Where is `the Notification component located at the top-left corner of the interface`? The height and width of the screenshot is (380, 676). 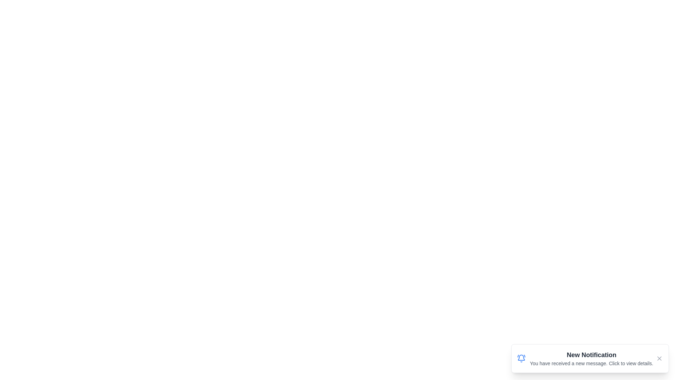
the Notification component located at the top-left corner of the interface is located at coordinates (585, 358).